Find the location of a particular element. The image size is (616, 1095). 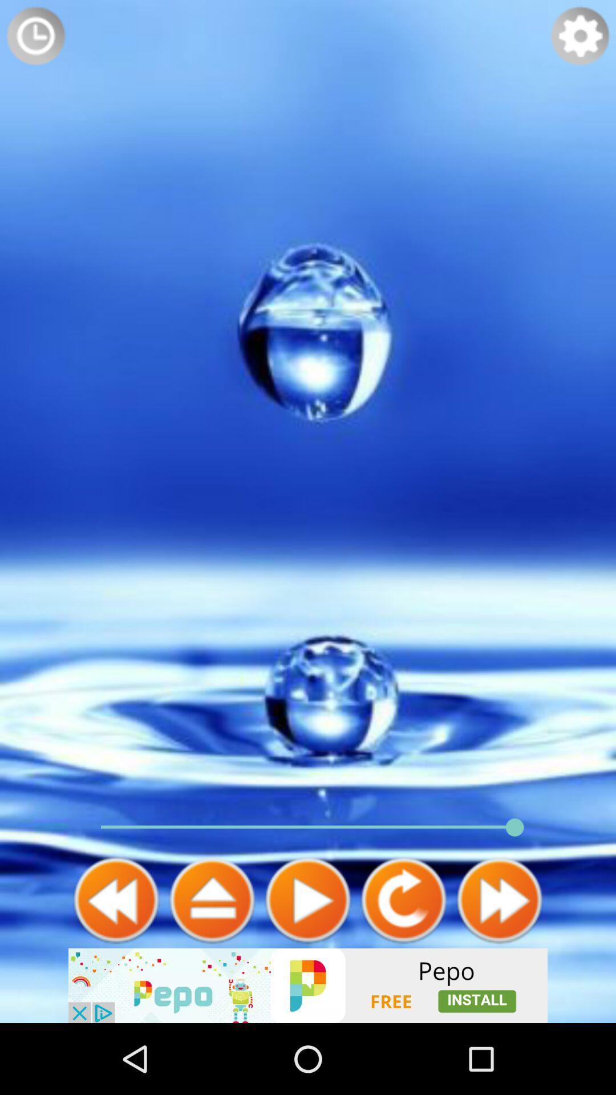

back arrow option is located at coordinates (116, 899).